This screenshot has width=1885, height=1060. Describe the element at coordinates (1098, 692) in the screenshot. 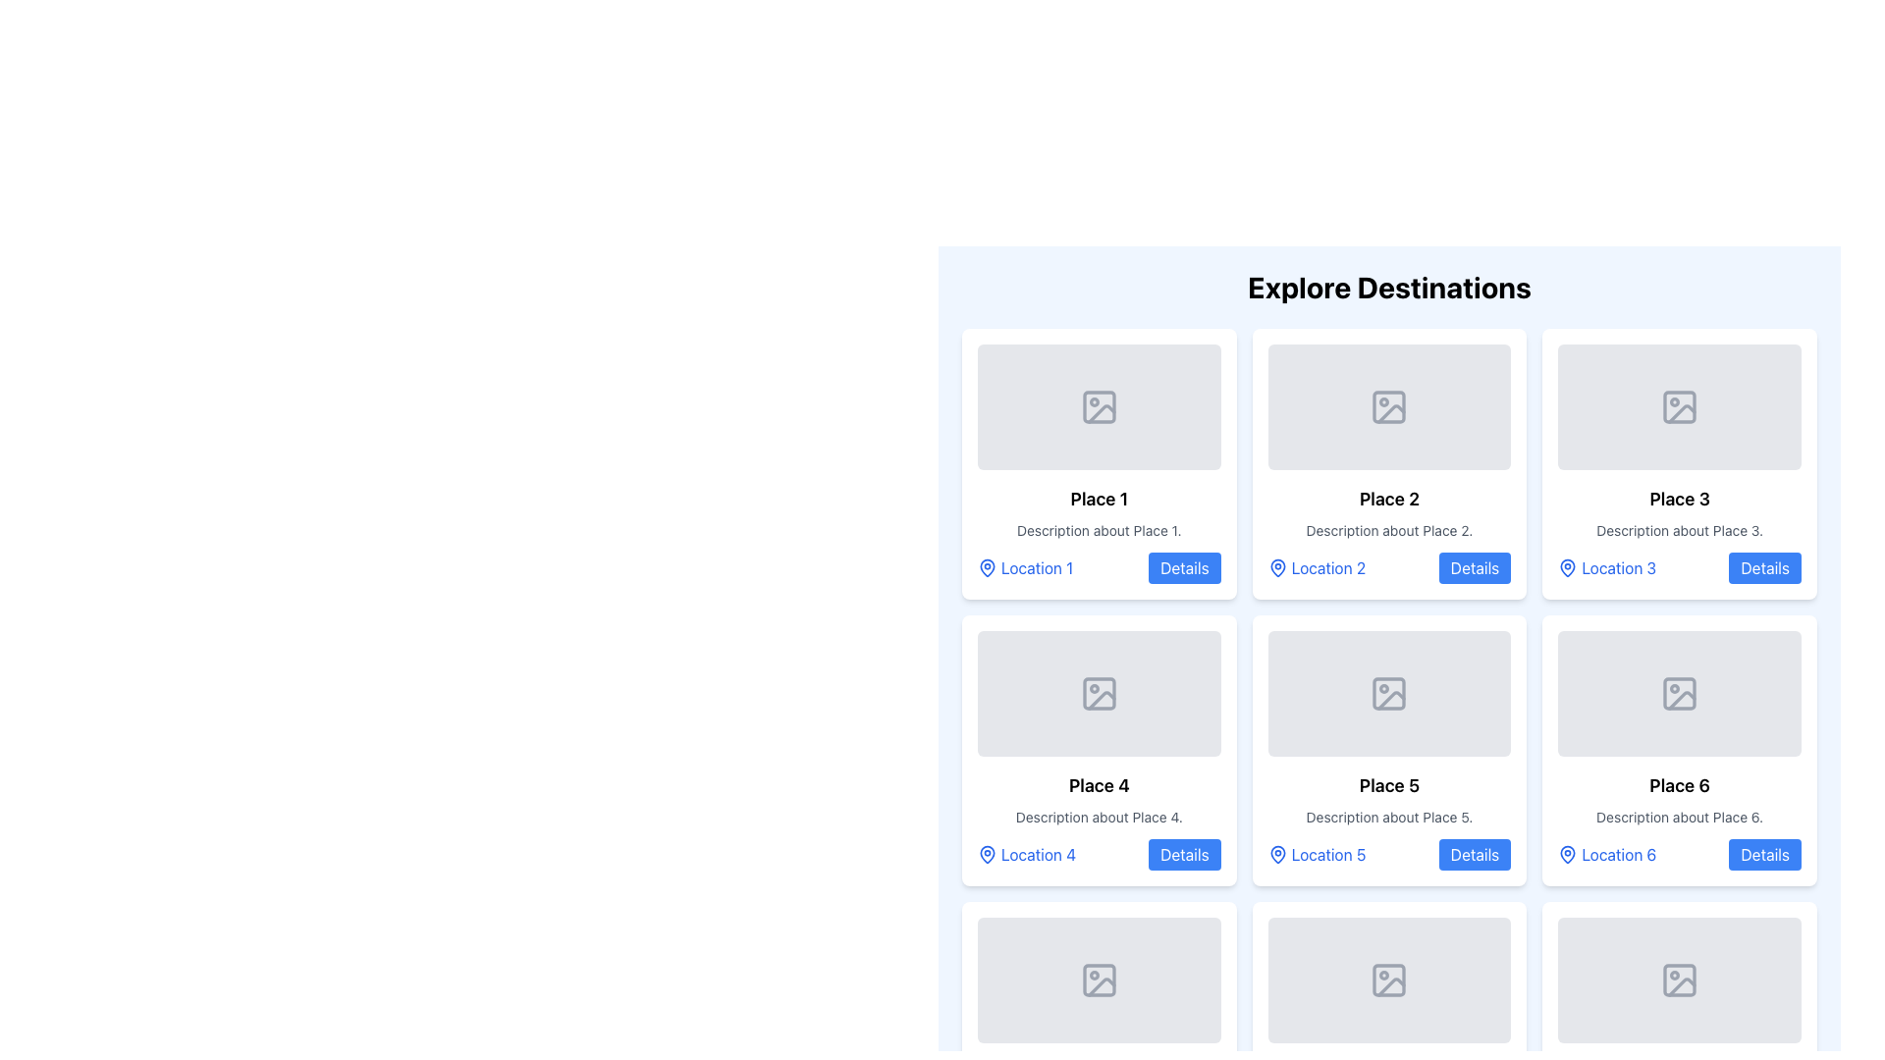

I see `the Decorative Placeholder Icon located in the fourth card of the grid layout, which signifies an unavailable image asset` at that location.